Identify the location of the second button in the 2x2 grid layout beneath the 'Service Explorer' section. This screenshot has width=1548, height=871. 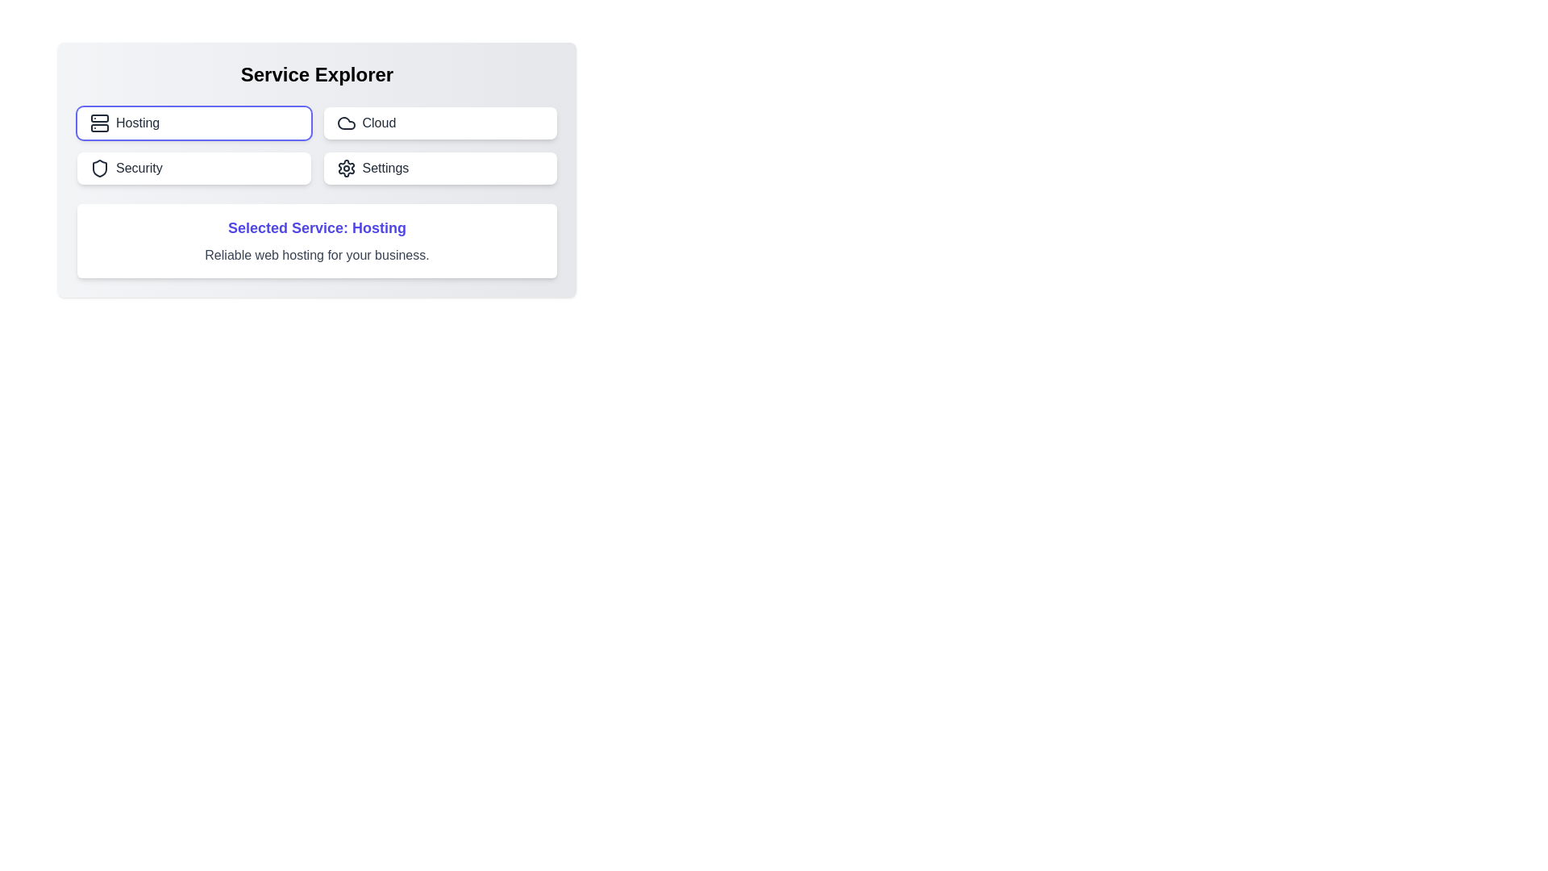
(440, 123).